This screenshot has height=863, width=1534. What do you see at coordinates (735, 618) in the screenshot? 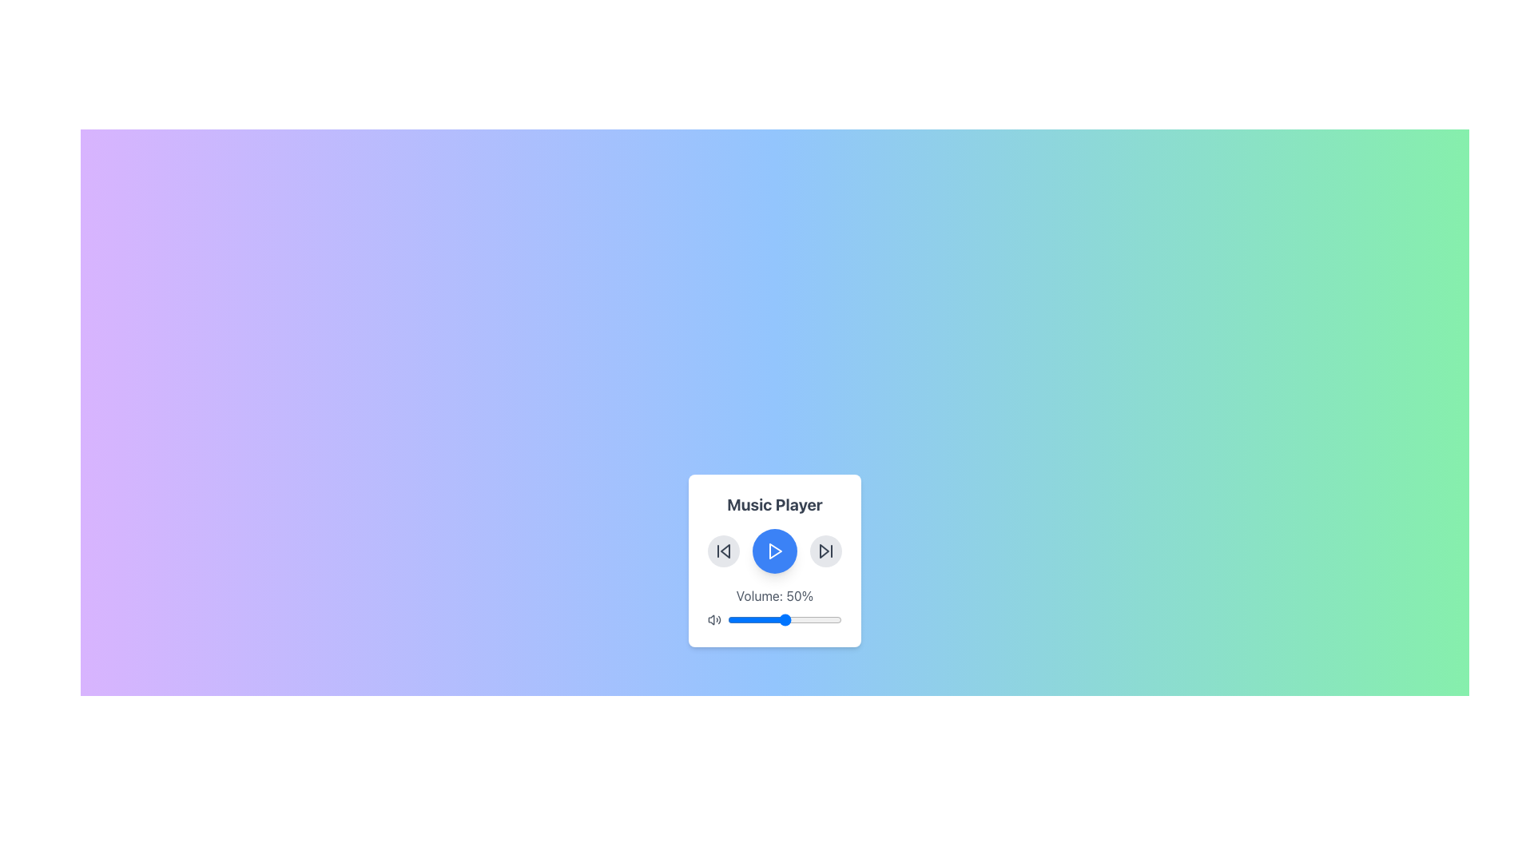
I see `volume level` at bounding box center [735, 618].